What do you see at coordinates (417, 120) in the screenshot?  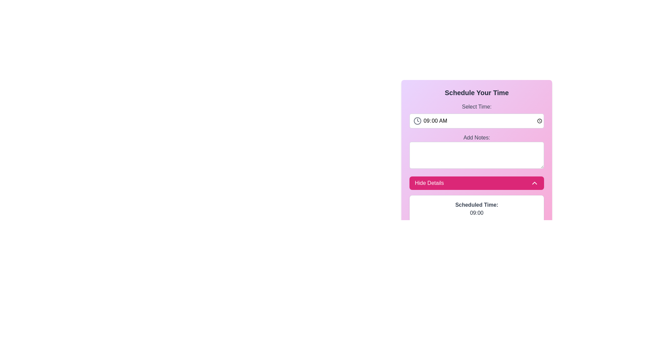 I see `the clock icon indicating the time selection field, which is located on the left side of the text field displaying '09:00 AM'` at bounding box center [417, 120].